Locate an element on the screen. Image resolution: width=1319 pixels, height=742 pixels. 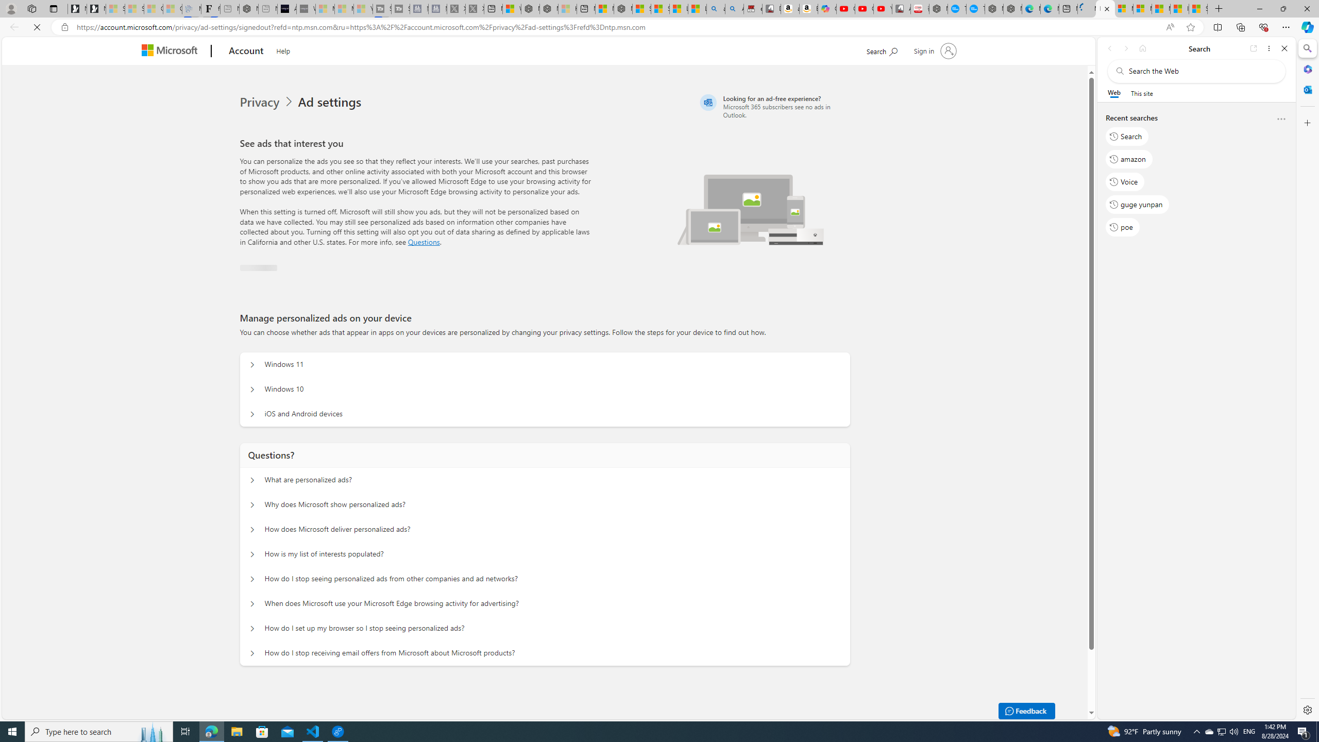
'New tab - Sleeping' is located at coordinates (267, 8).